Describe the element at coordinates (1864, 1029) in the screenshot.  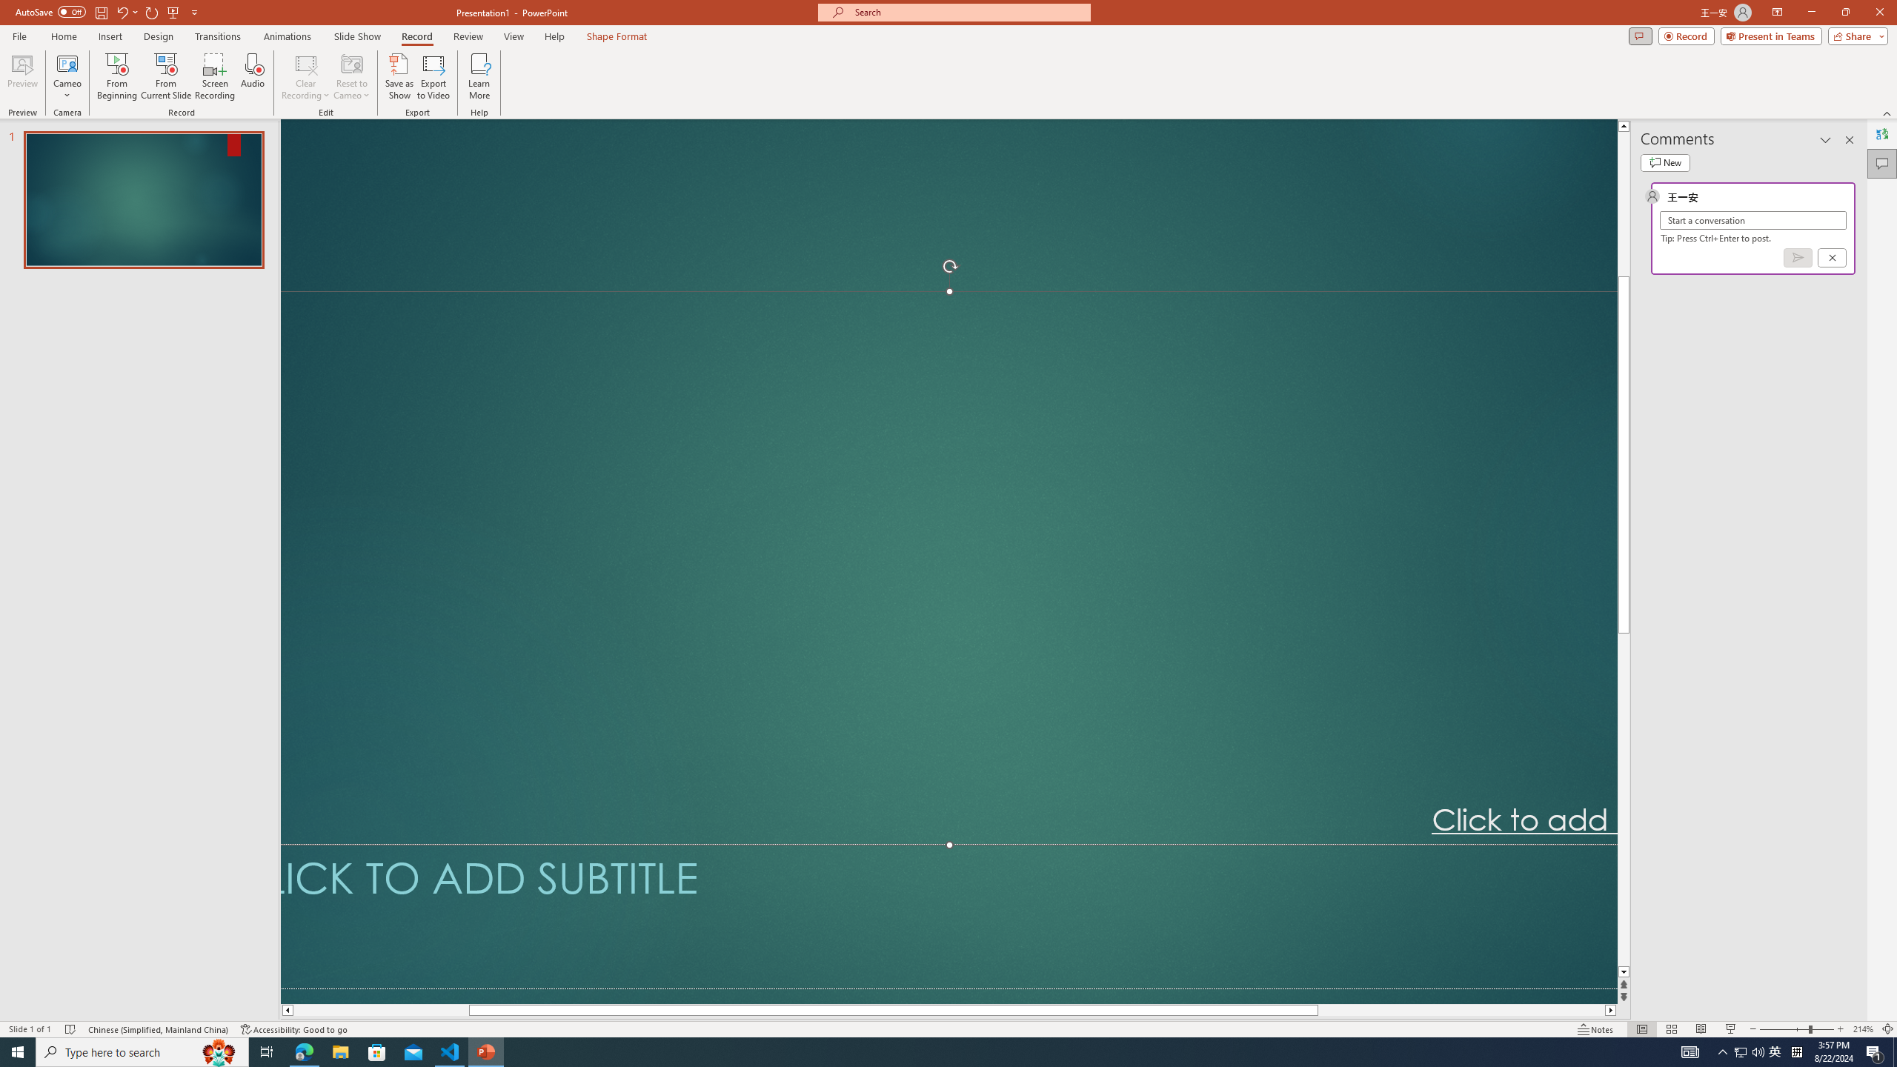
I see `'Zoom 214%'` at that location.